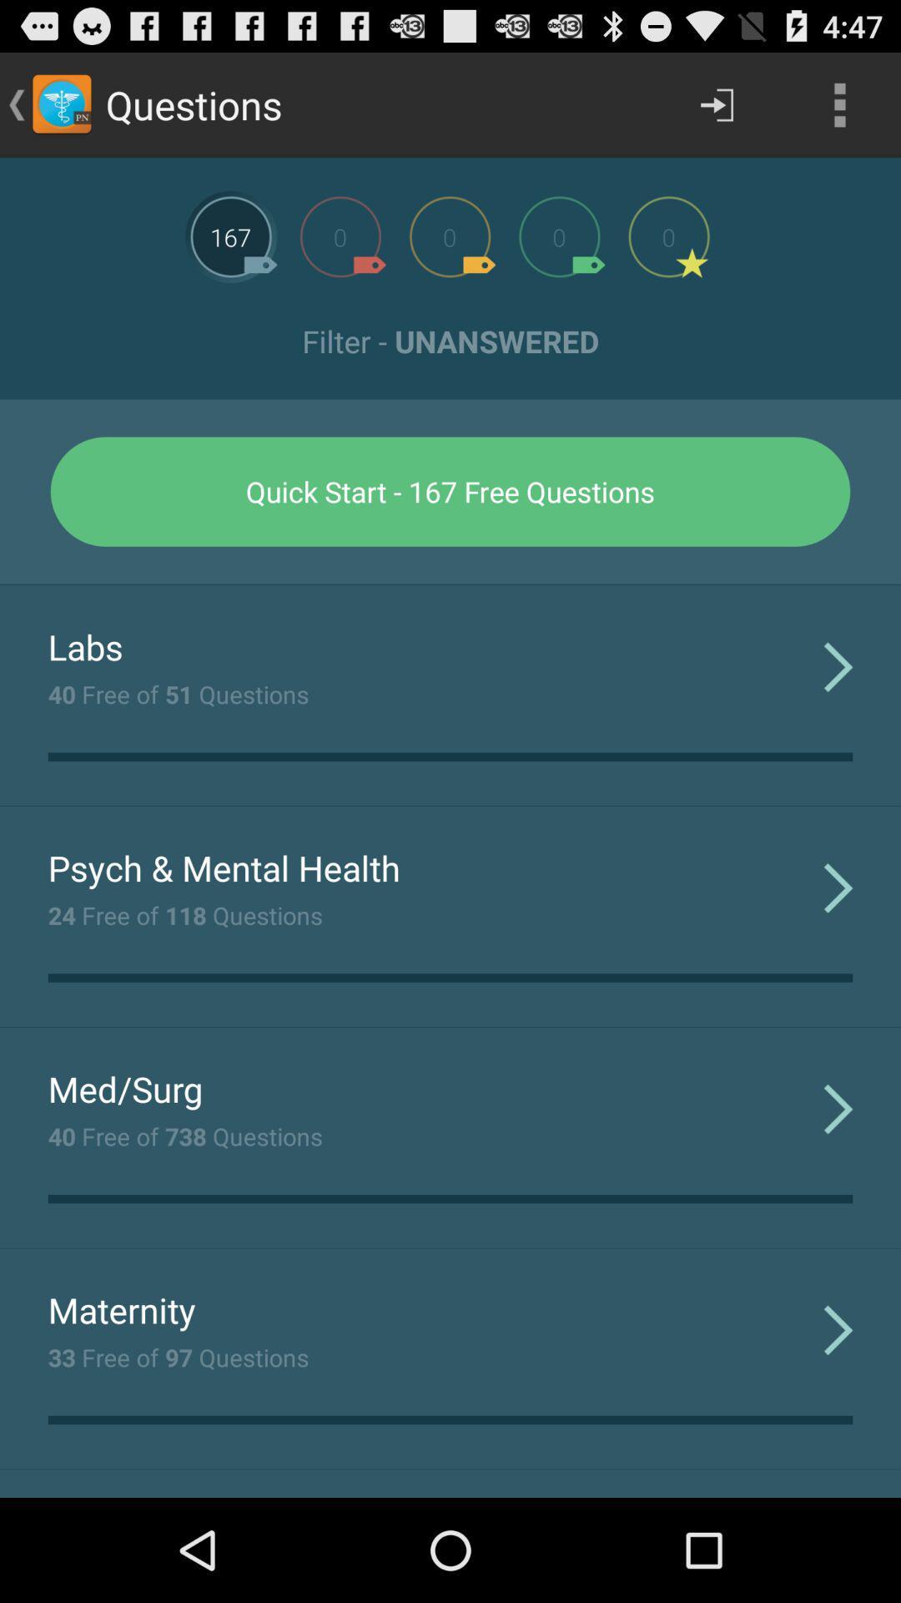  Describe the element at coordinates (559, 235) in the screenshot. I see `tag` at that location.